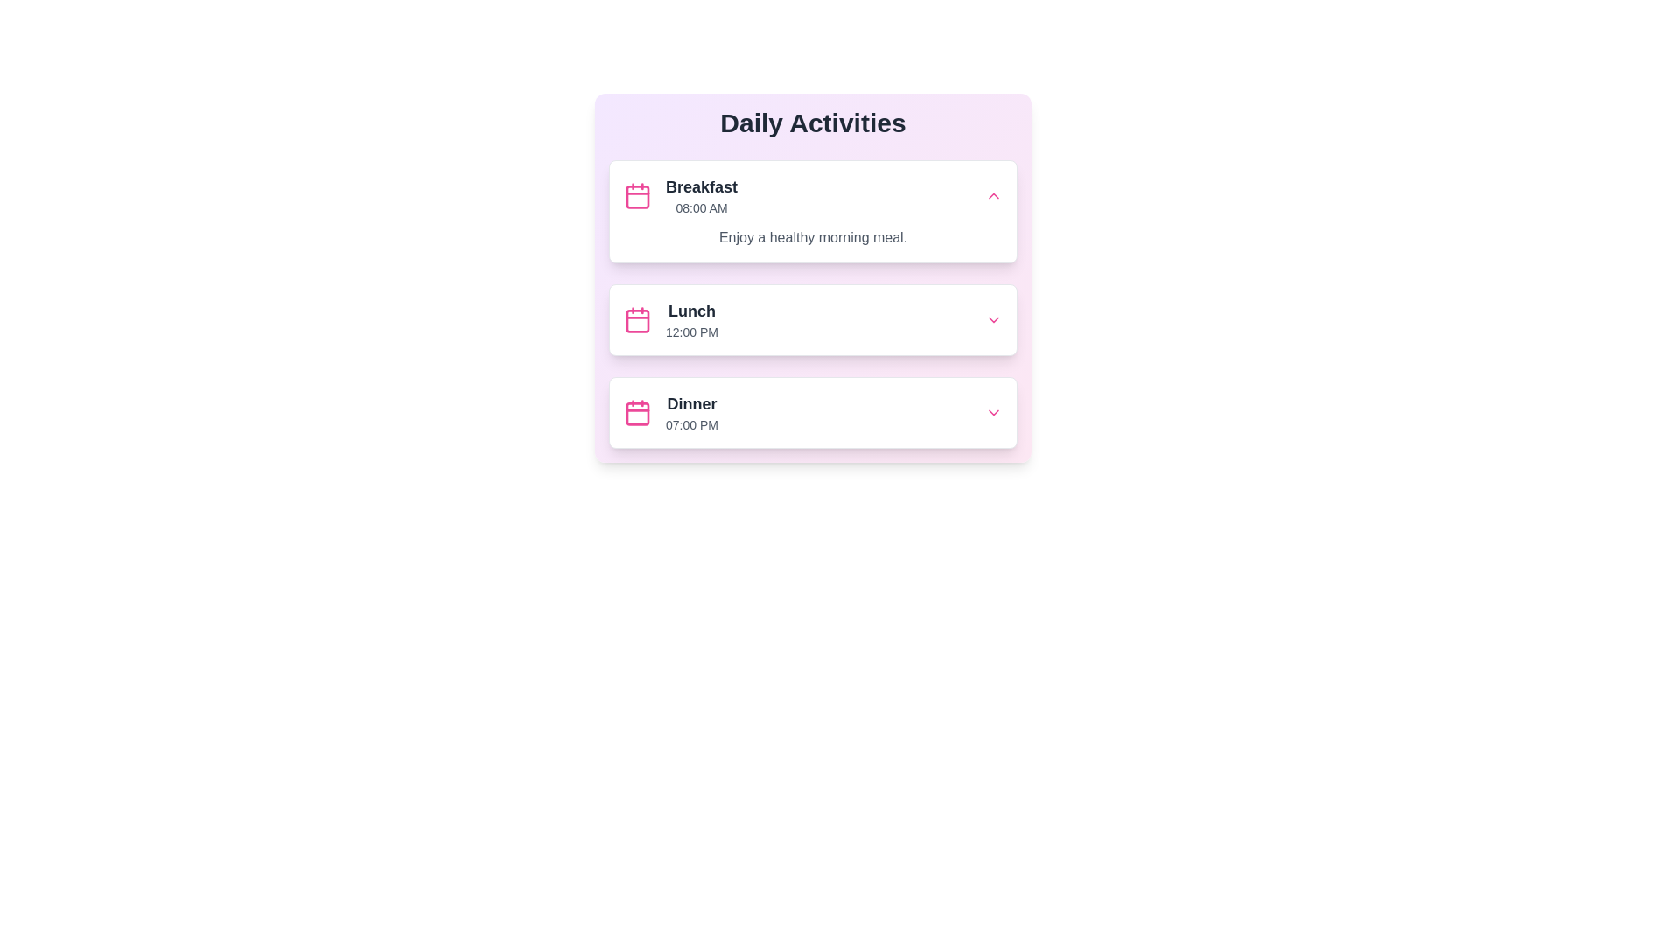 The width and height of the screenshot is (1680, 945). Describe the element at coordinates (812, 320) in the screenshot. I see `the 'Lunch' activity card, which is the second card in the vertical arrangement under the 'Daily Activities' section` at that location.